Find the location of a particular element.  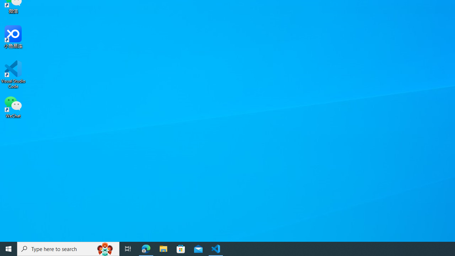

'WeChat' is located at coordinates (13, 106).